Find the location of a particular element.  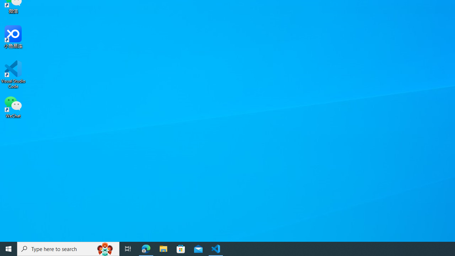

'WeChat' is located at coordinates (13, 106).